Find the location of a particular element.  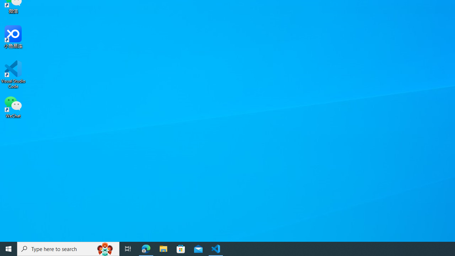

'WeChat' is located at coordinates (13, 106).